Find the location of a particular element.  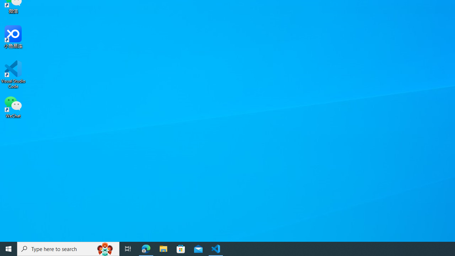

'WeChat' is located at coordinates (13, 106).